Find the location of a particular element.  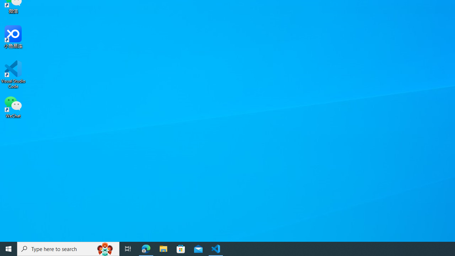

'WeChat' is located at coordinates (13, 106).